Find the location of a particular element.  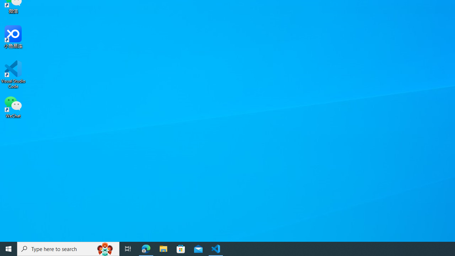

'WeChat' is located at coordinates (13, 106).